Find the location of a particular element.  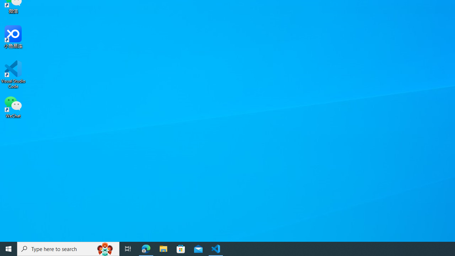

'WeChat' is located at coordinates (13, 106).